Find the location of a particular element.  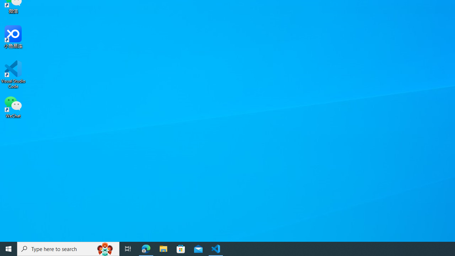

'WeChat' is located at coordinates (13, 106).